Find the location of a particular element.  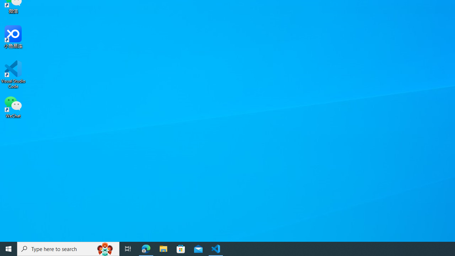

'WeChat' is located at coordinates (13, 106).